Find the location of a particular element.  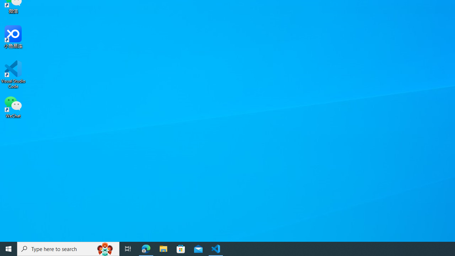

'WeChat' is located at coordinates (13, 106).